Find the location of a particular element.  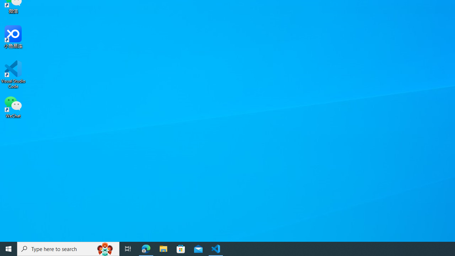

'WeChat' is located at coordinates (13, 106).